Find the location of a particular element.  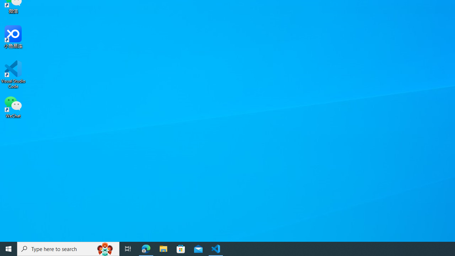

'WeChat' is located at coordinates (13, 106).